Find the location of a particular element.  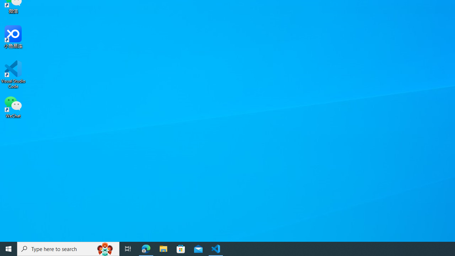

'WeChat' is located at coordinates (13, 106).